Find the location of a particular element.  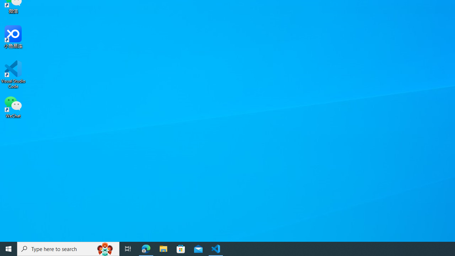

'WeChat' is located at coordinates (13, 106).